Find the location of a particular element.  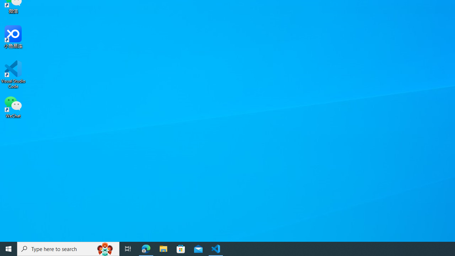

'WeChat' is located at coordinates (13, 106).